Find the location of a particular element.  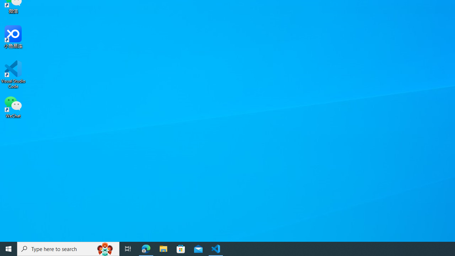

'WeChat' is located at coordinates (13, 106).